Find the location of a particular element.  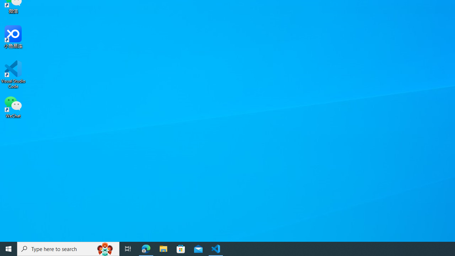

'WeChat' is located at coordinates (13, 106).